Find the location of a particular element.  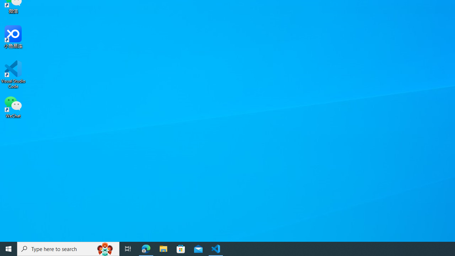

'WeChat' is located at coordinates (13, 106).